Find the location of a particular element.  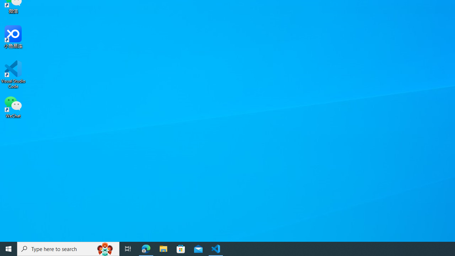

'WeChat' is located at coordinates (13, 106).